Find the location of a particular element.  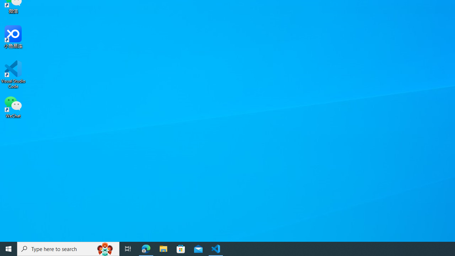

'WeChat' is located at coordinates (13, 106).